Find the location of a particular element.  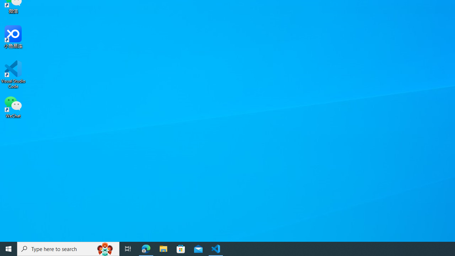

'WeChat' is located at coordinates (13, 106).